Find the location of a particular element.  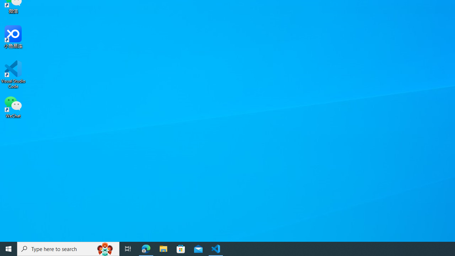

'WeChat' is located at coordinates (13, 106).